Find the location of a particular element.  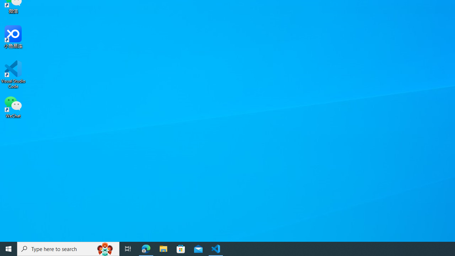

'WeChat' is located at coordinates (13, 106).